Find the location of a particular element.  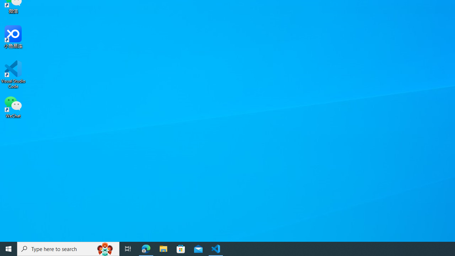

'WeChat' is located at coordinates (13, 106).